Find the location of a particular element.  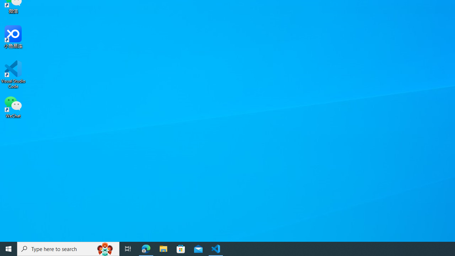

'WeChat' is located at coordinates (13, 106).